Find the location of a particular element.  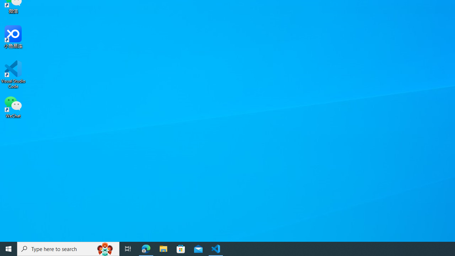

'WeChat' is located at coordinates (13, 106).